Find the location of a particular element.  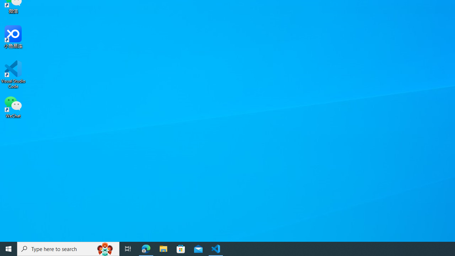

'WeChat' is located at coordinates (13, 106).